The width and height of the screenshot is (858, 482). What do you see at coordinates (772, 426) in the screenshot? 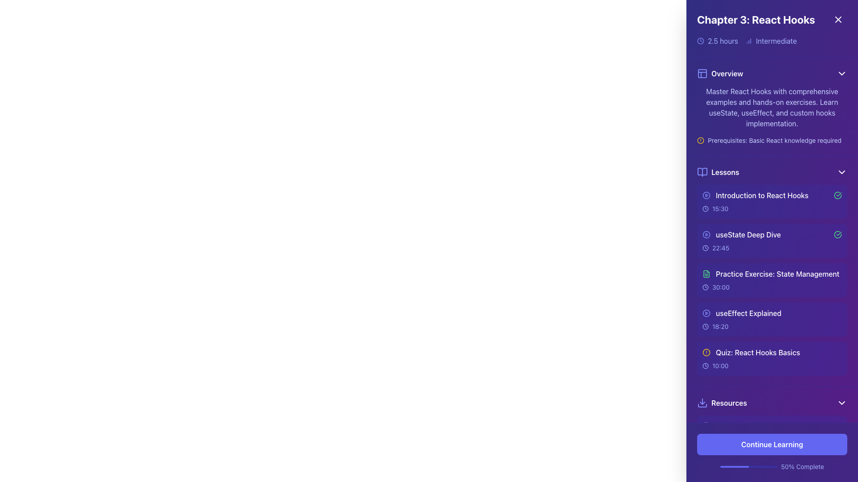
I see `the downloadable link for the 'Hooks Cheat Sheet' PDF file located in the 'Resources' section, positioned above the 'Continue Learning' button` at bounding box center [772, 426].